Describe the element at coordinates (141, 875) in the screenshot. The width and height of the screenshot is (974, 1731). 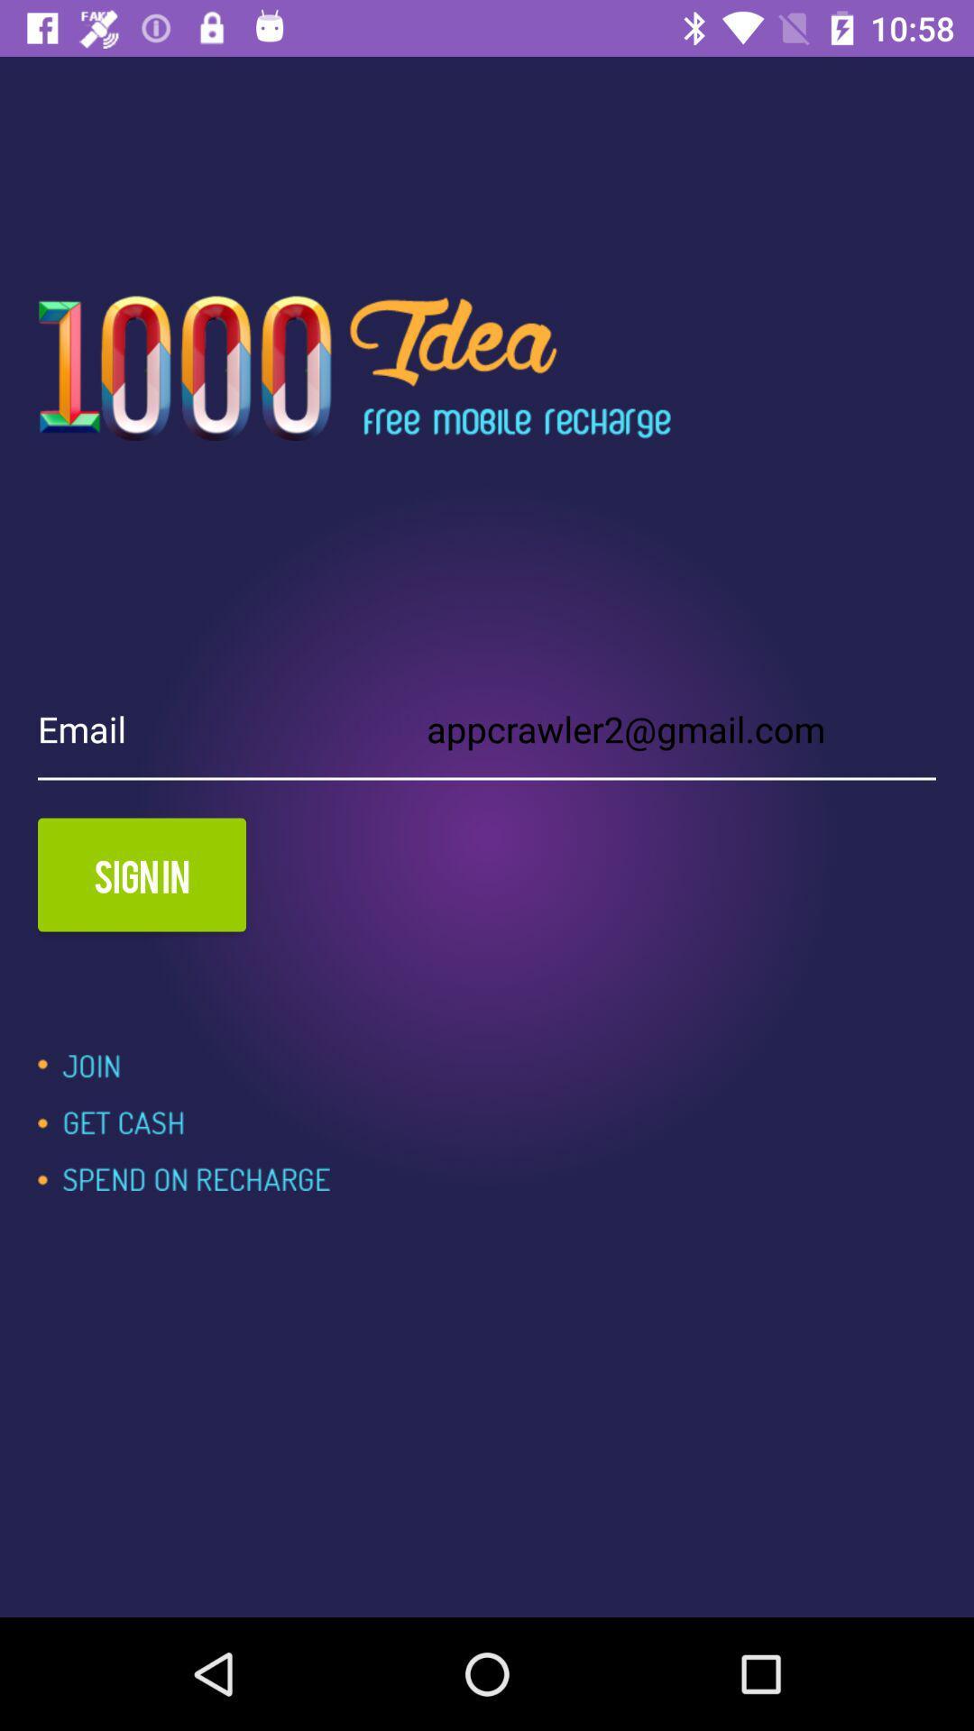
I see `sign in item` at that location.